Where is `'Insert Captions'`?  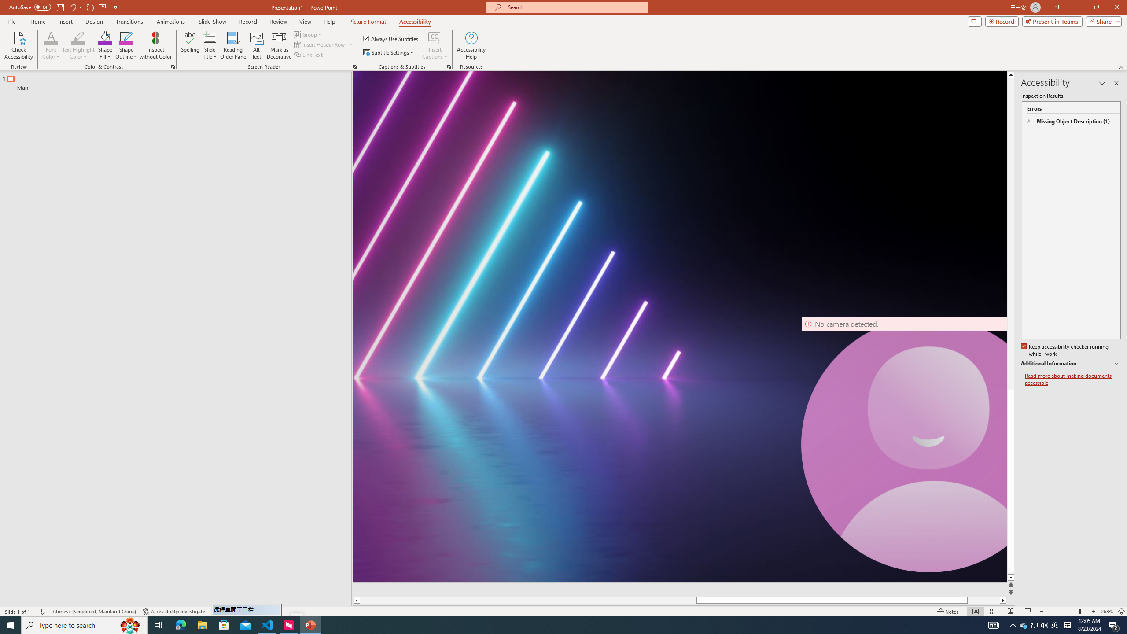 'Insert Captions' is located at coordinates (435, 37).